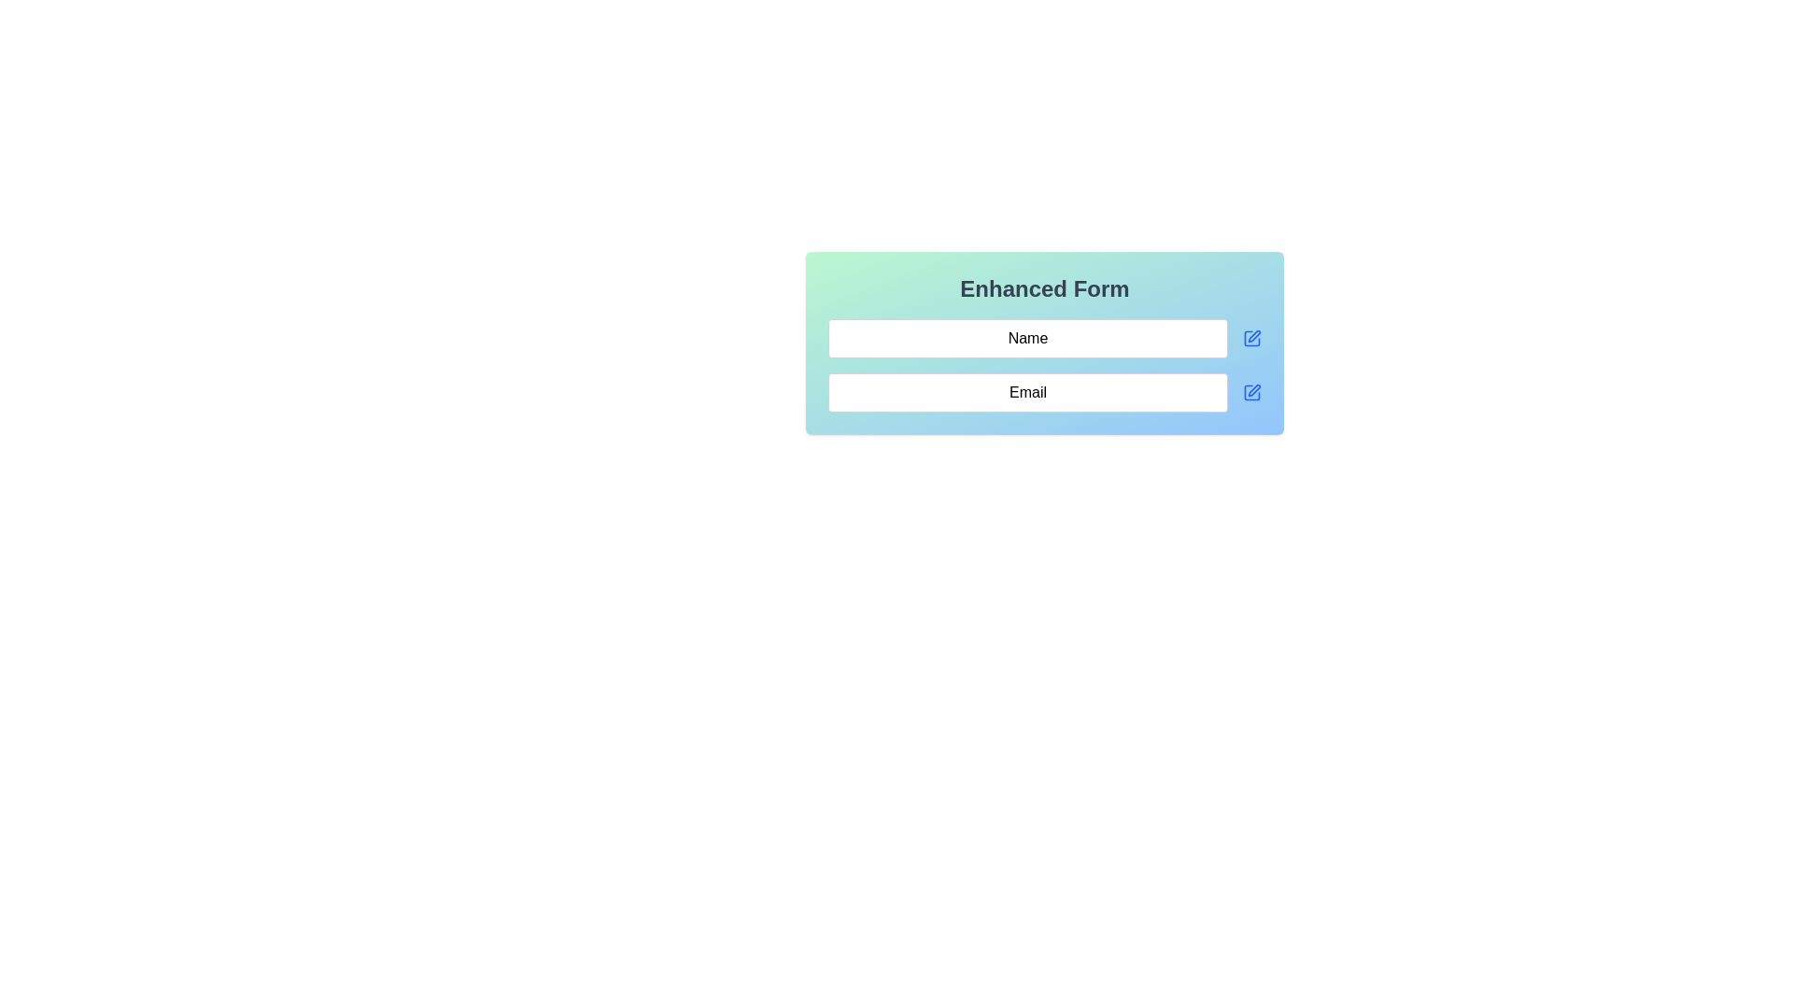  What do you see at coordinates (1251, 338) in the screenshot?
I see `the icon button for editing the 'Name' field` at bounding box center [1251, 338].